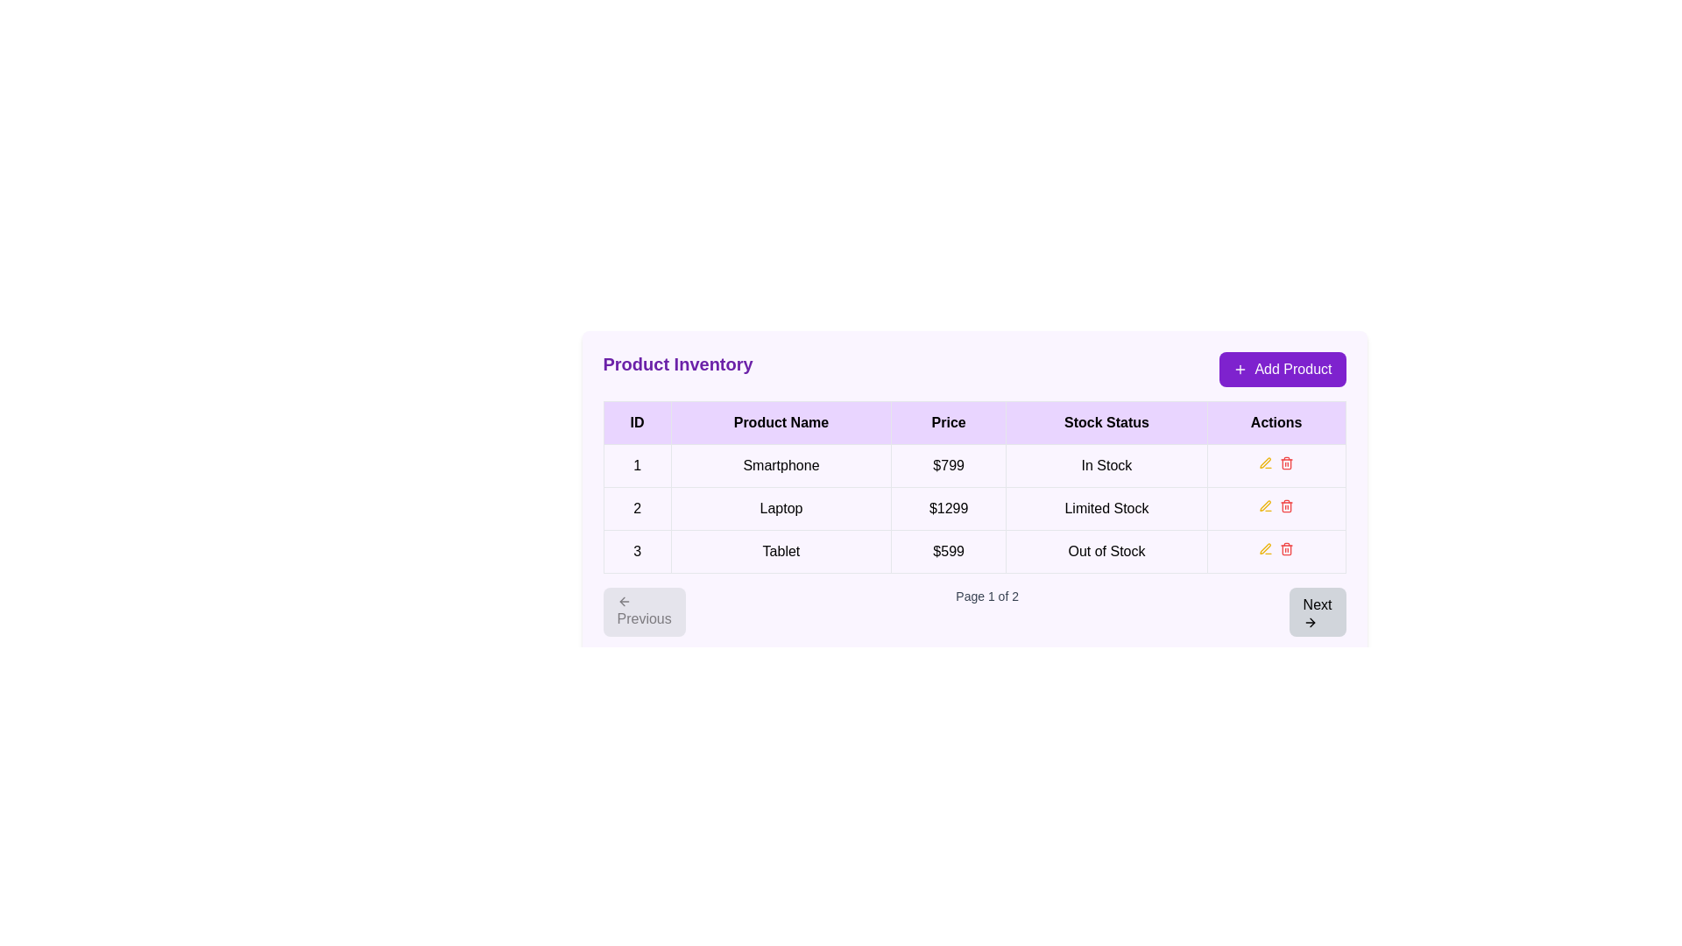  What do you see at coordinates (1286, 548) in the screenshot?
I see `the clickable trash can icon in the third row under the 'Actions' column` at bounding box center [1286, 548].